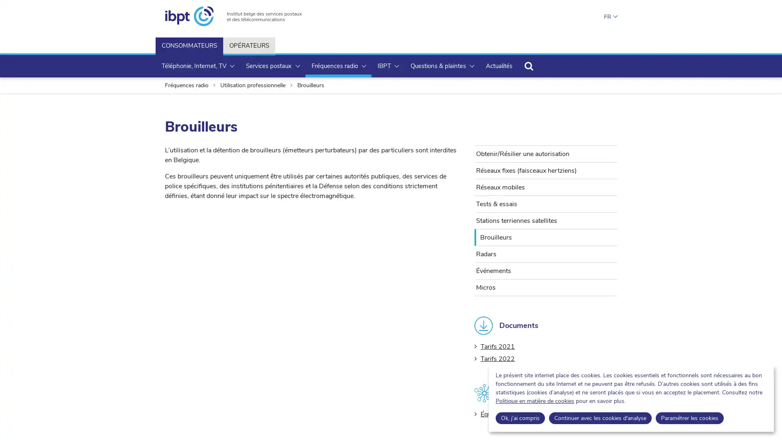  I want to click on Telephonie, Internet, TV, so click(198, 66).